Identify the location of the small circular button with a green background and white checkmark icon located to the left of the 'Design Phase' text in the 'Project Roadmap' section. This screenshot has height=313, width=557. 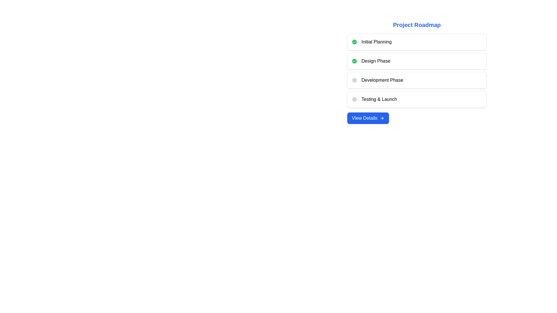
(354, 61).